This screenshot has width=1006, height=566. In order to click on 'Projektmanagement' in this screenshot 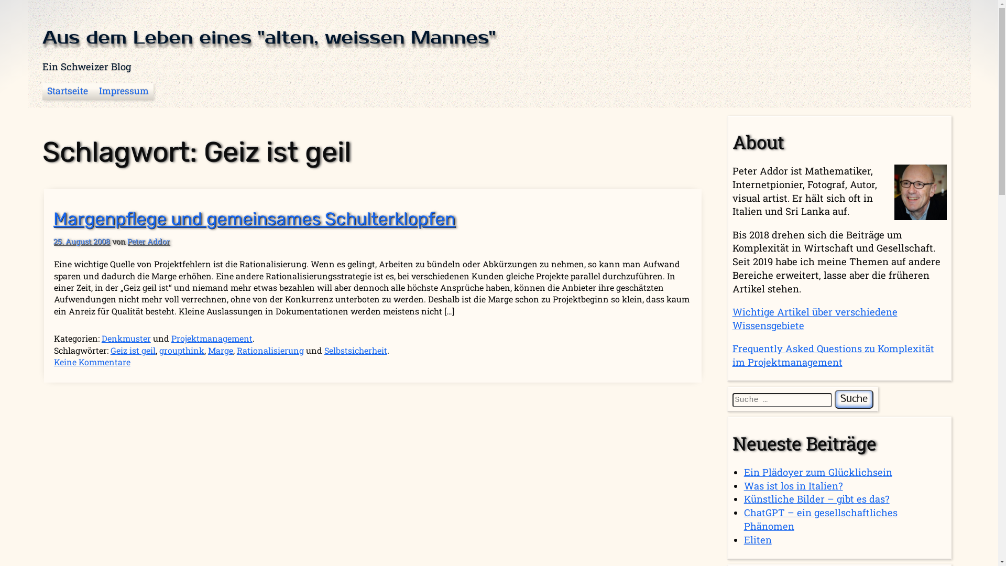, I will do `click(211, 338)`.